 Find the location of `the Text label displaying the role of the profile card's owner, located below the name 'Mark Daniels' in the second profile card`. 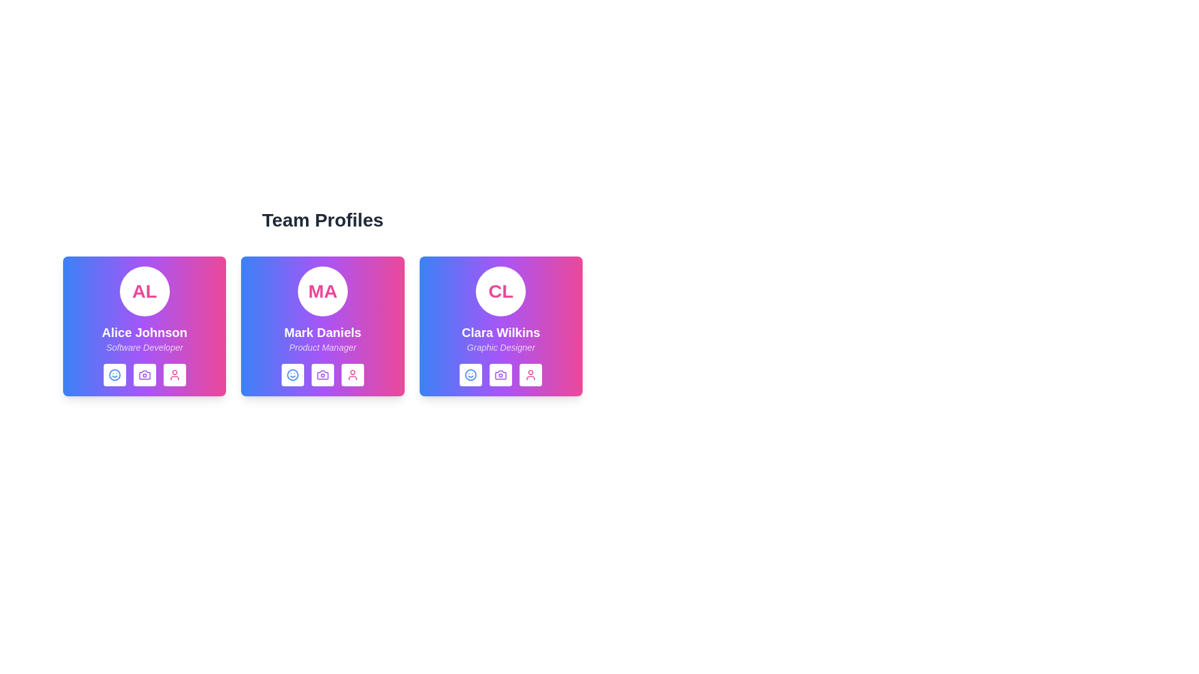

the Text label displaying the role of the profile card's owner, located below the name 'Mark Daniels' in the second profile card is located at coordinates (323, 347).